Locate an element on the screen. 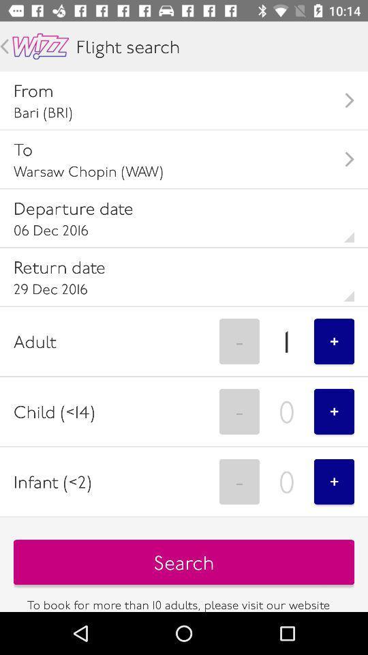 The width and height of the screenshot is (368, 655). go next is located at coordinates (3, 46).